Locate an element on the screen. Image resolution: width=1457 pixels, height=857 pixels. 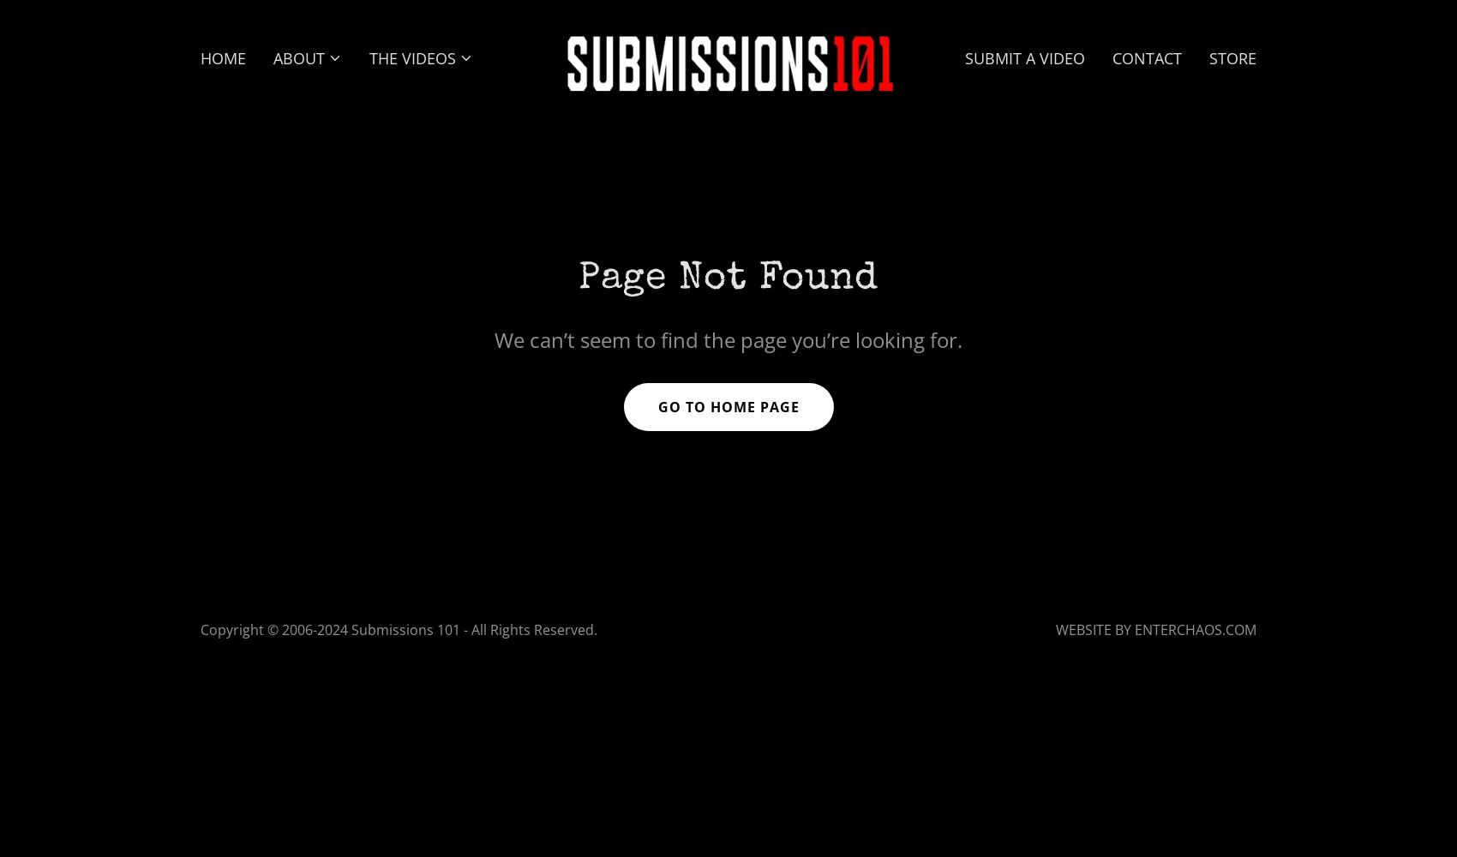
'SUBMIT A VIDEO' is located at coordinates (1022, 57).